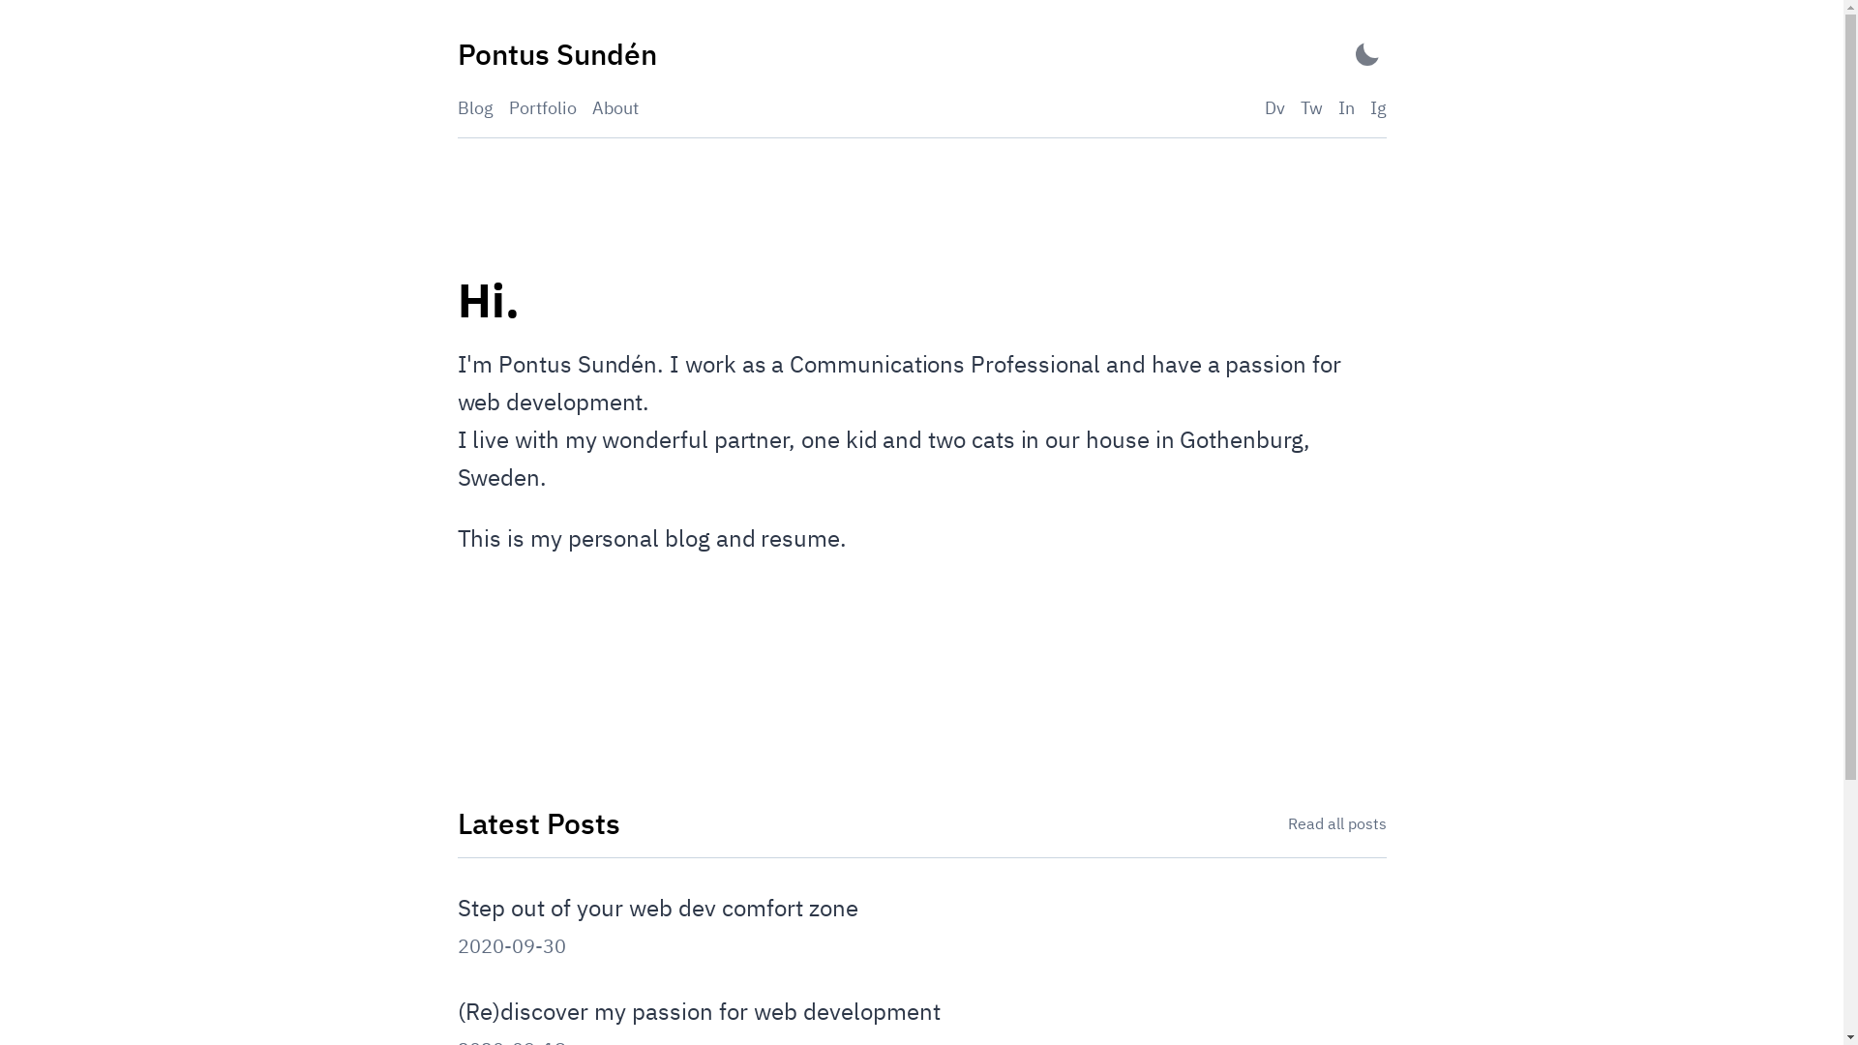 The width and height of the screenshot is (1858, 1045). What do you see at coordinates (542, 107) in the screenshot?
I see `'Portfolio'` at bounding box center [542, 107].